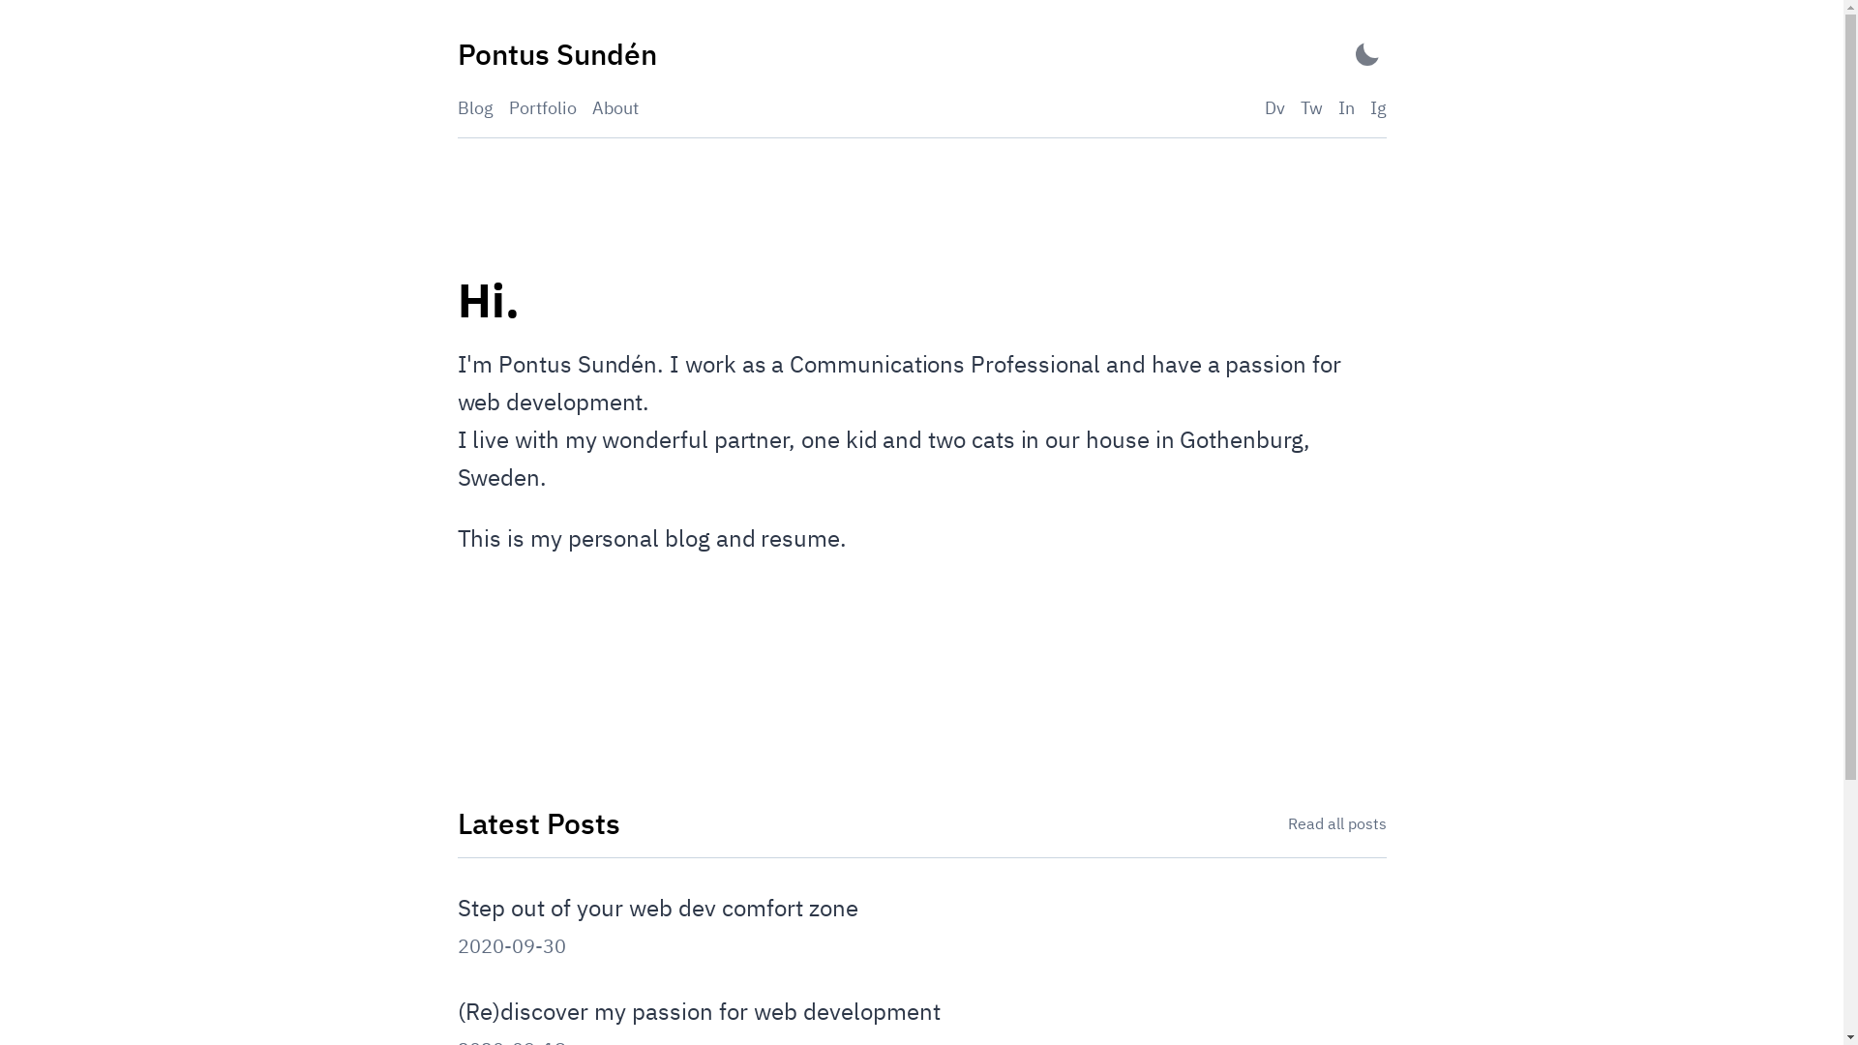 The width and height of the screenshot is (1858, 1045). What do you see at coordinates (542, 107) in the screenshot?
I see `'Portfolio'` at bounding box center [542, 107].